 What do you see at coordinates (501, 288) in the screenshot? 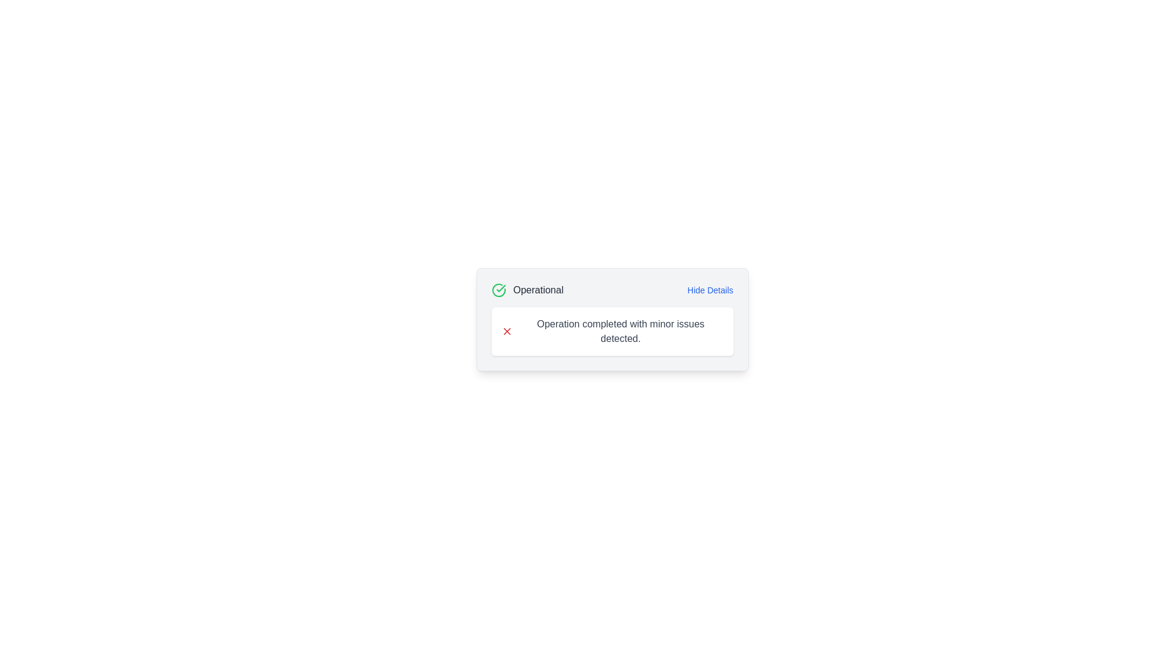
I see `the small green checkmark symbol located within a circular icon in the middle of the small status panel` at bounding box center [501, 288].